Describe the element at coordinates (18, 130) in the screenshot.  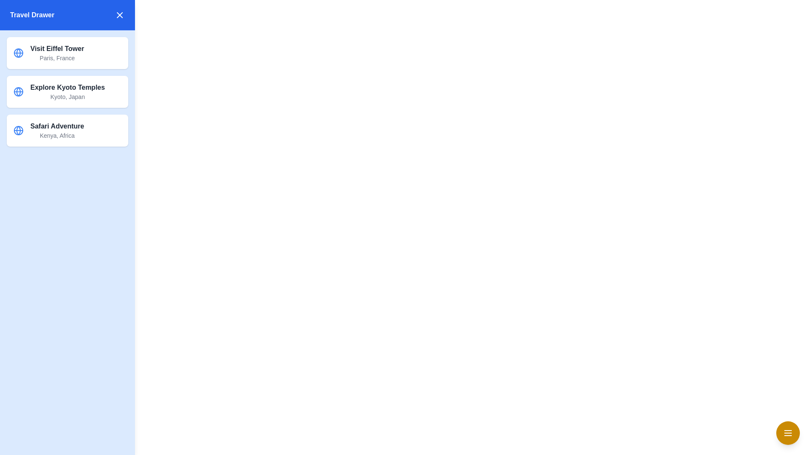
I see `the blue globe icon representing the travel-related theme located in the 'Safari Adventure' list item in the sidebar` at that location.